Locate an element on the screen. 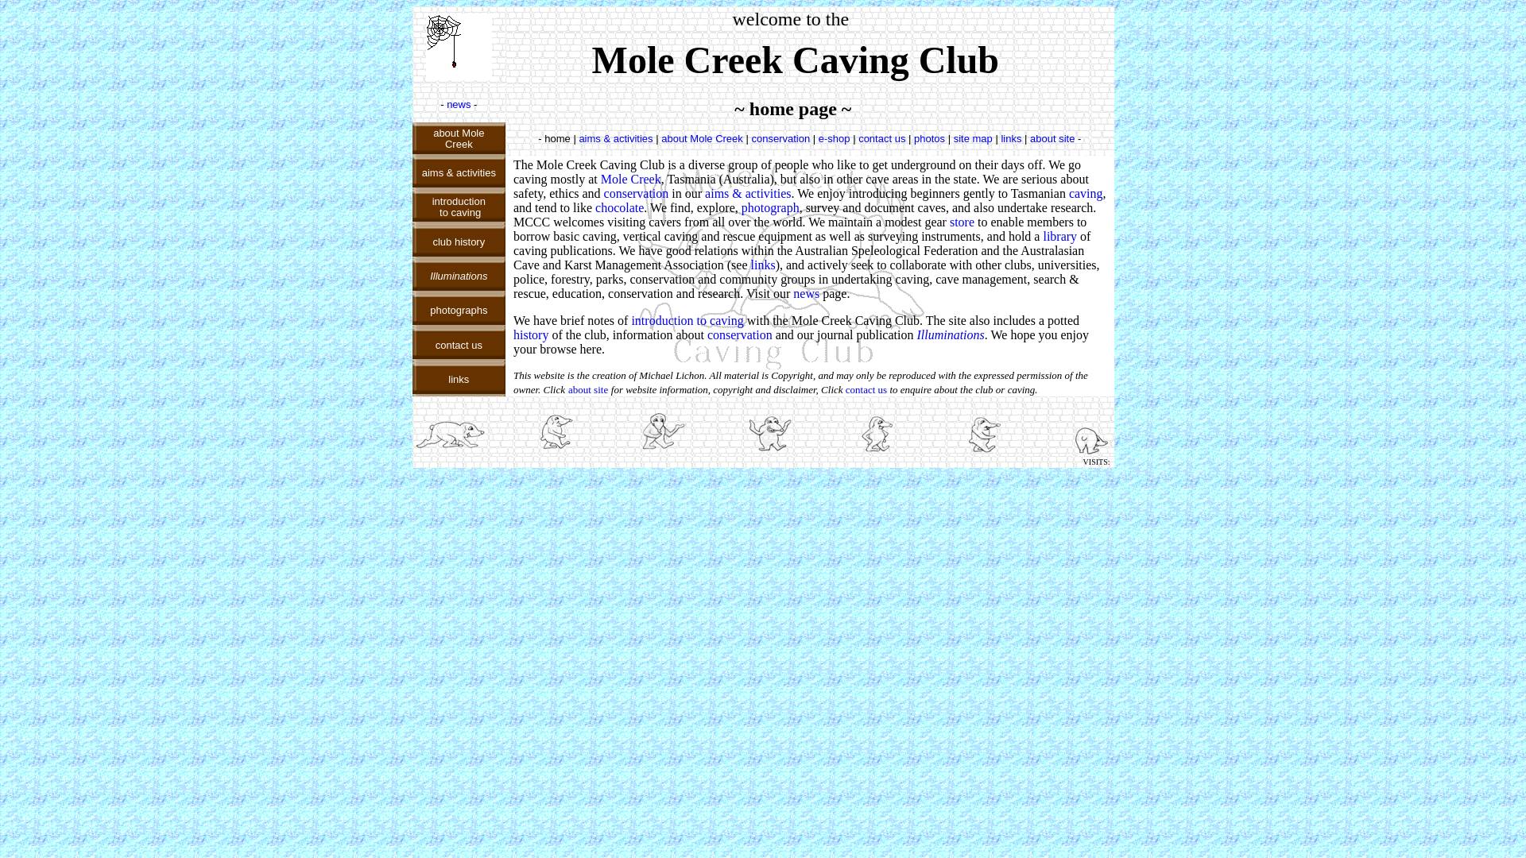 This screenshot has height=858, width=1526. 'site map' is located at coordinates (972, 137).